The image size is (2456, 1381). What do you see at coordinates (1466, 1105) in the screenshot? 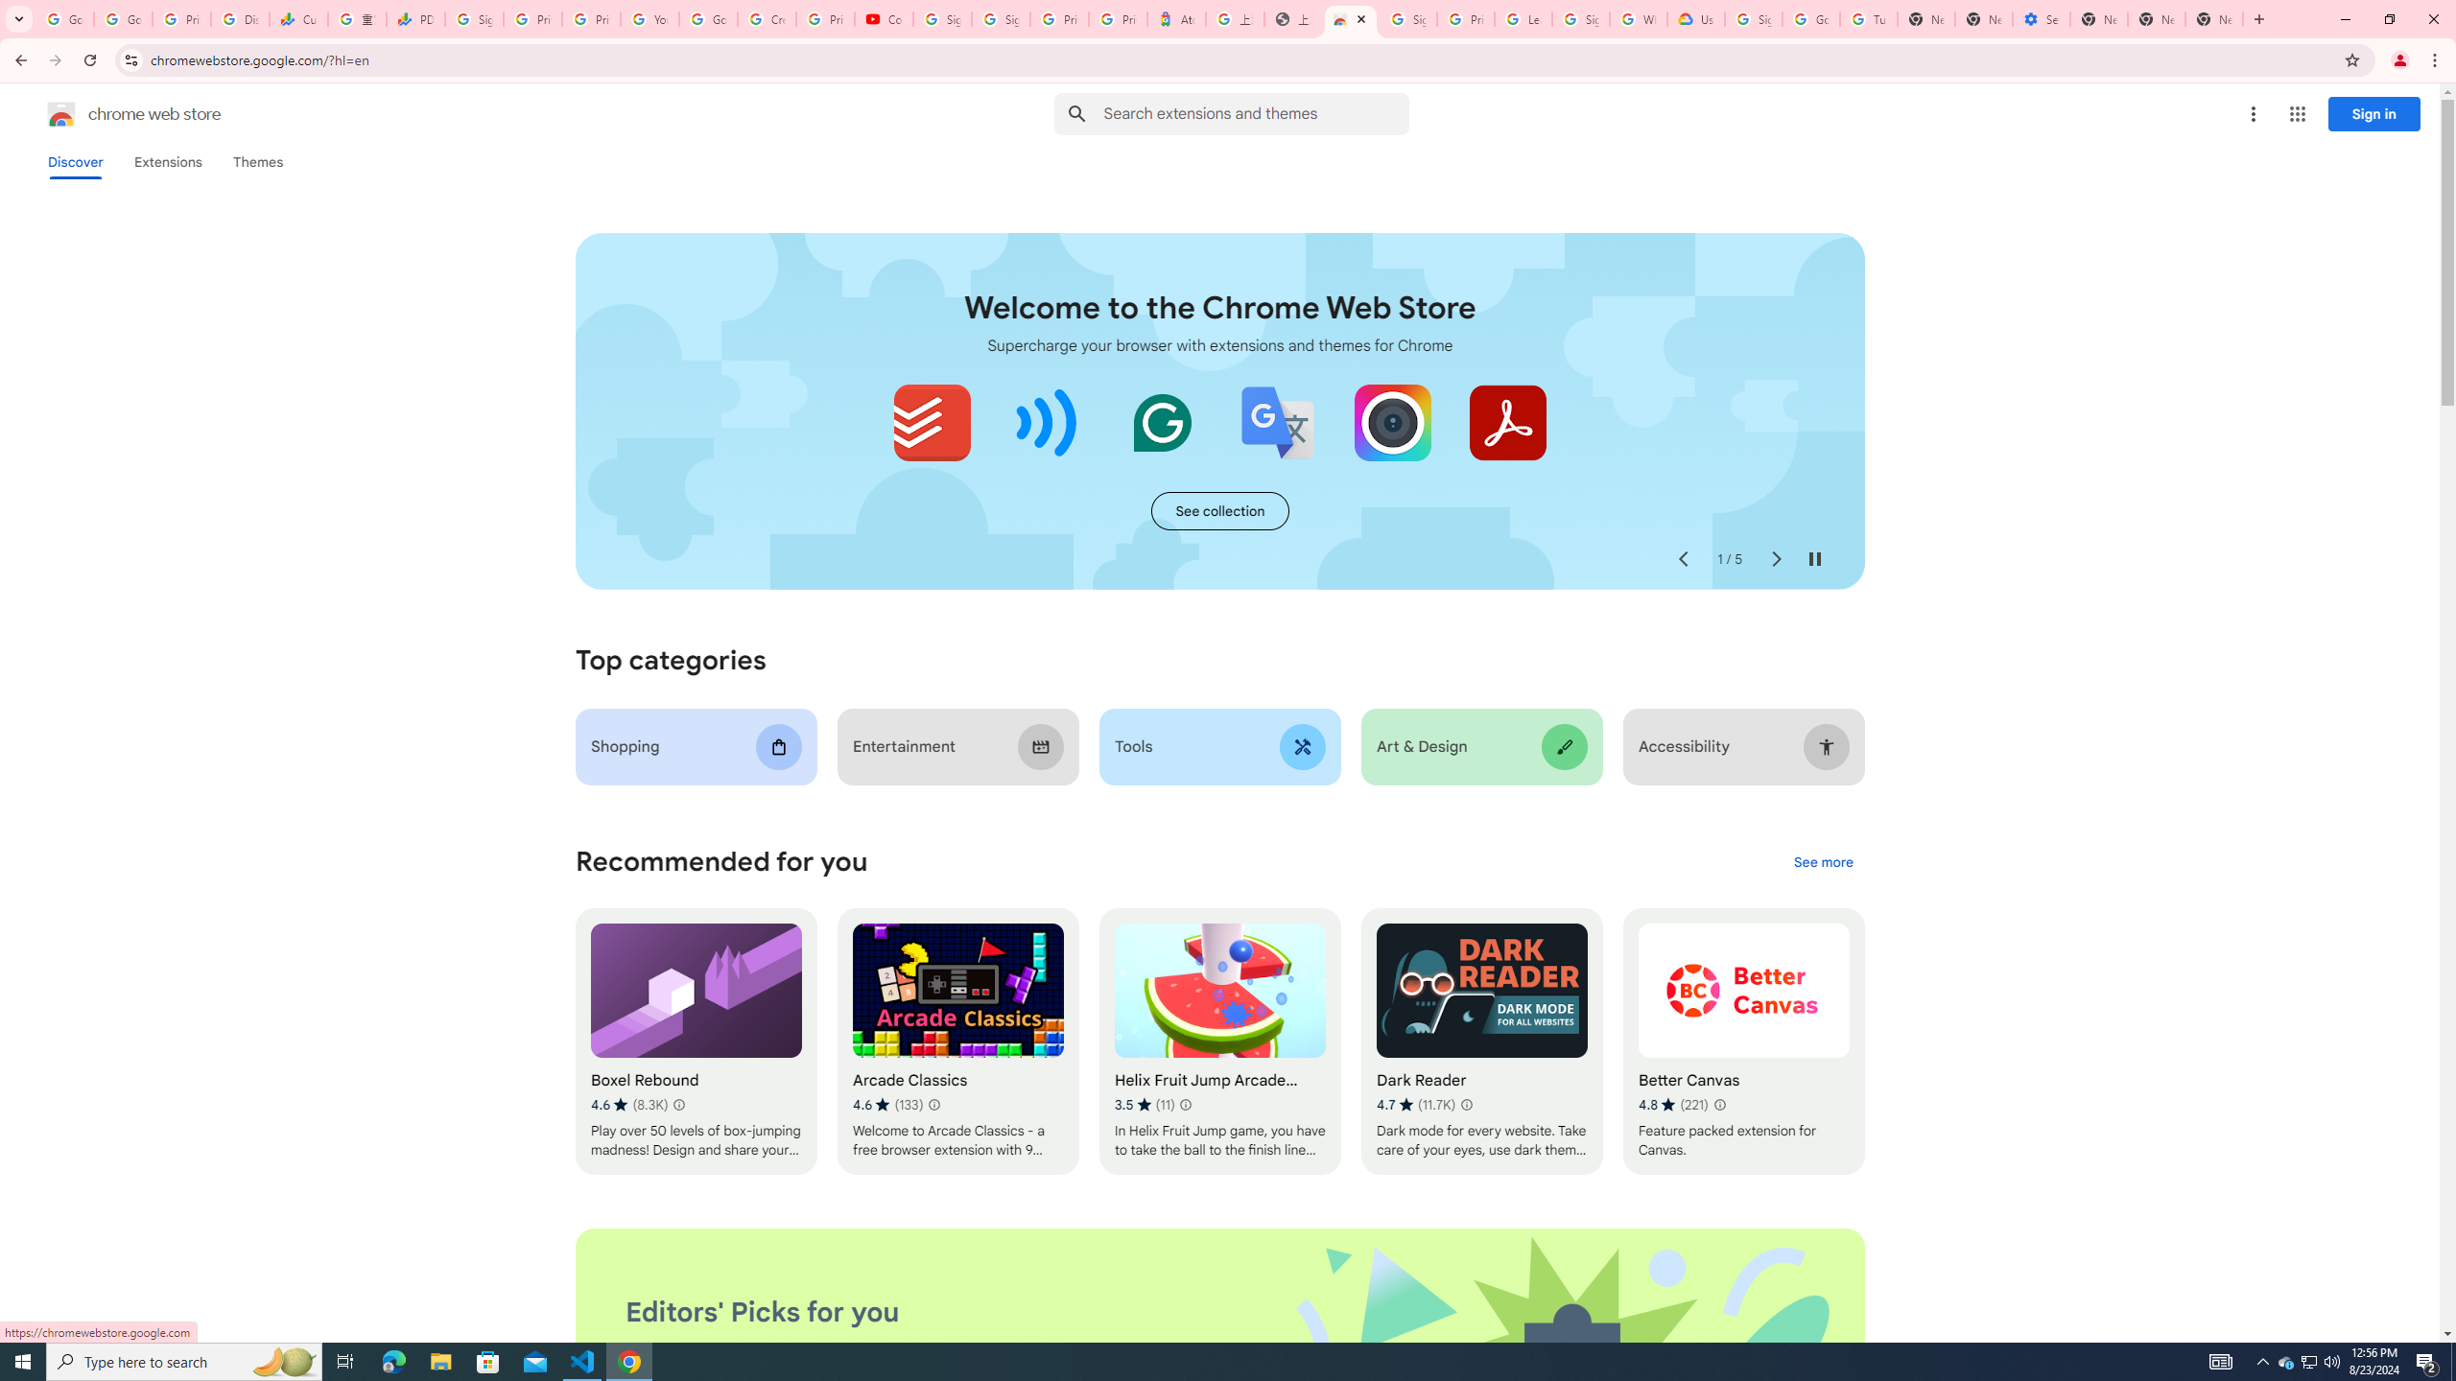
I see `'Learn more about results and reviews "Dark Reader"'` at bounding box center [1466, 1105].